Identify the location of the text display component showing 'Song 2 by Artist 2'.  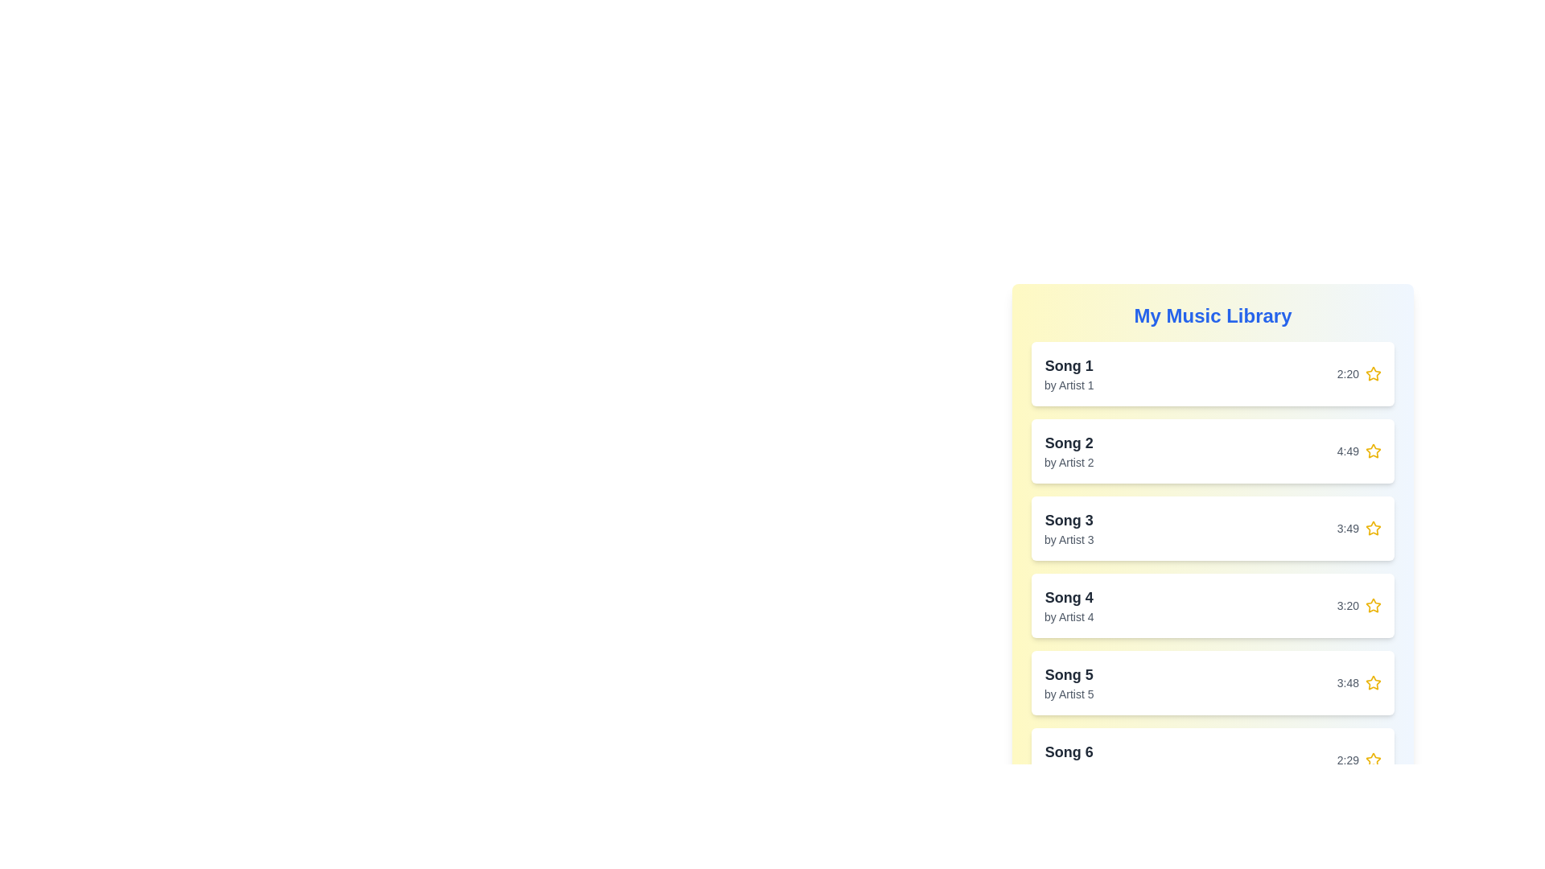
(1069, 451).